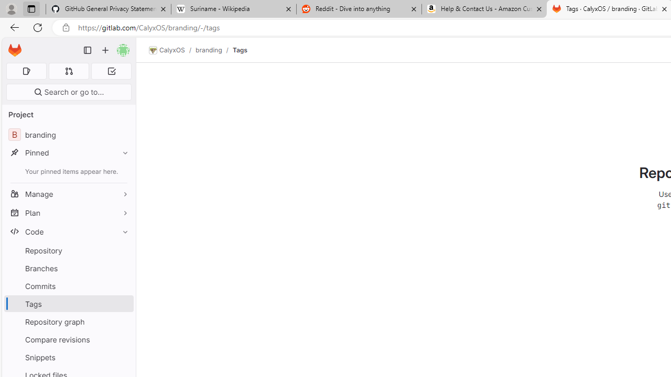 This screenshot has width=671, height=377. What do you see at coordinates (105, 50) in the screenshot?
I see `'Create new...'` at bounding box center [105, 50].